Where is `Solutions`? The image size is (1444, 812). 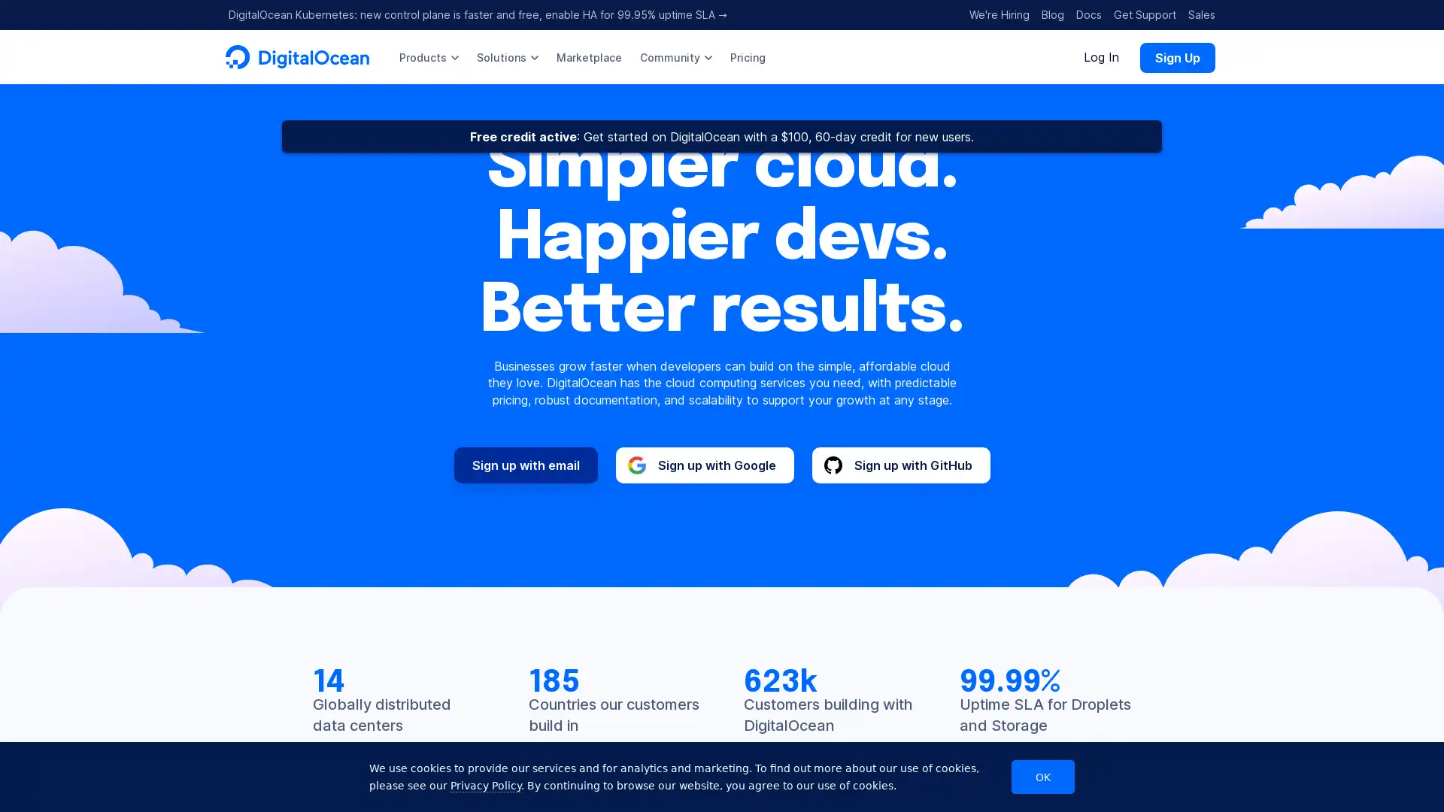 Solutions is located at coordinates (508, 56).